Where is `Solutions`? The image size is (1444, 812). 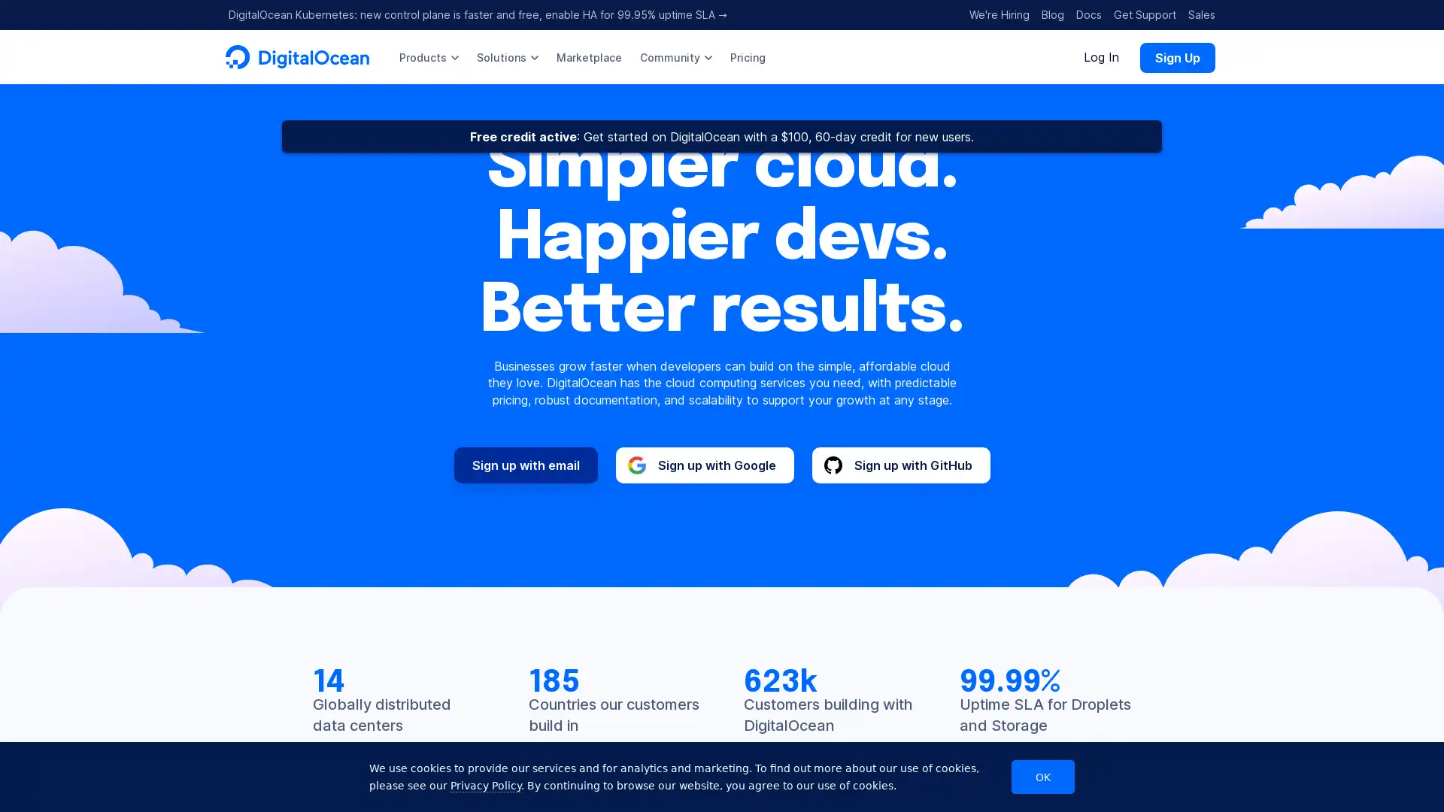 Solutions is located at coordinates (508, 56).